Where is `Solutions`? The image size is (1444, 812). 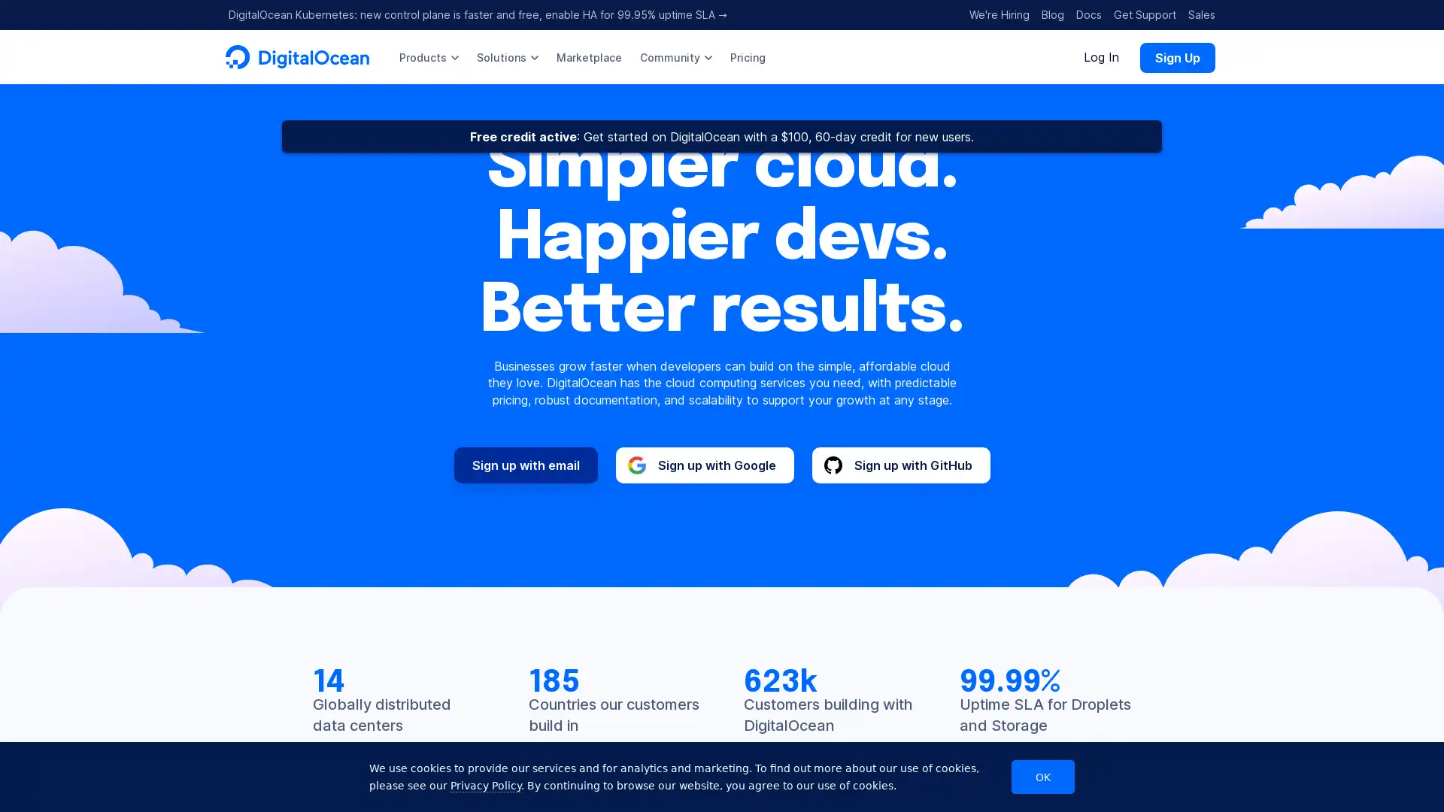 Solutions is located at coordinates (508, 56).